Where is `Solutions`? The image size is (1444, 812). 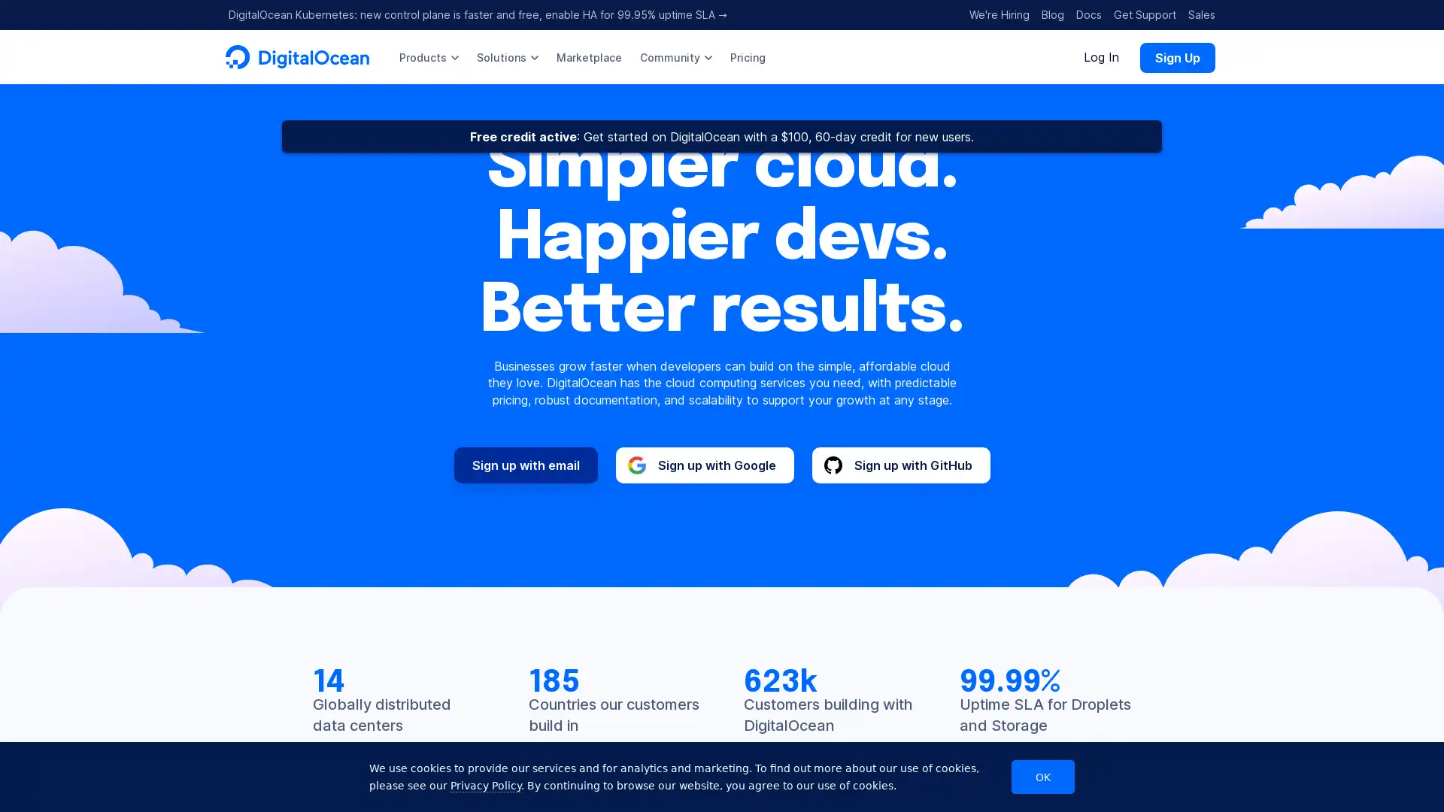 Solutions is located at coordinates (508, 56).